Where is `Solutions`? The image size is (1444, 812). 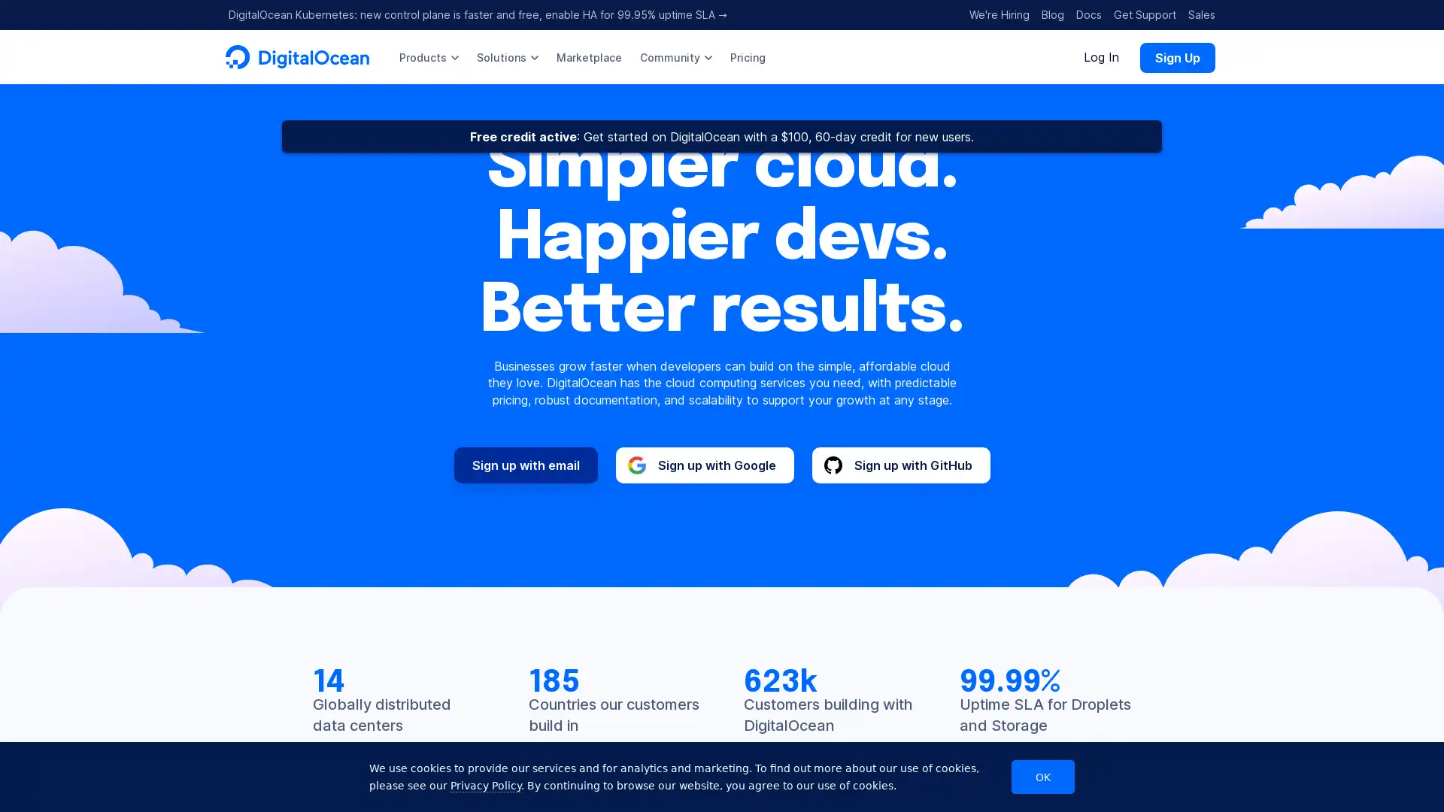 Solutions is located at coordinates (508, 56).